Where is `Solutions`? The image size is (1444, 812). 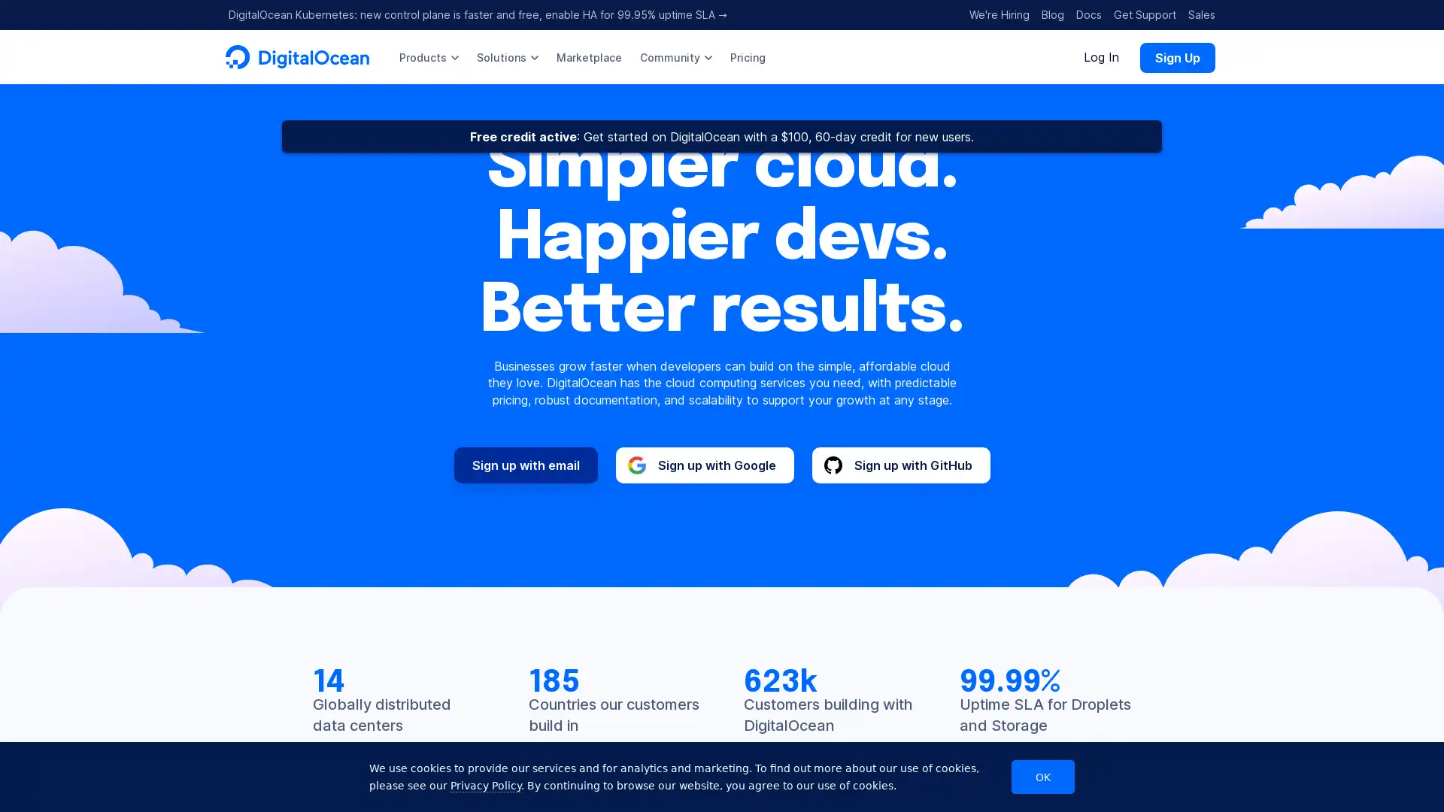 Solutions is located at coordinates (508, 56).